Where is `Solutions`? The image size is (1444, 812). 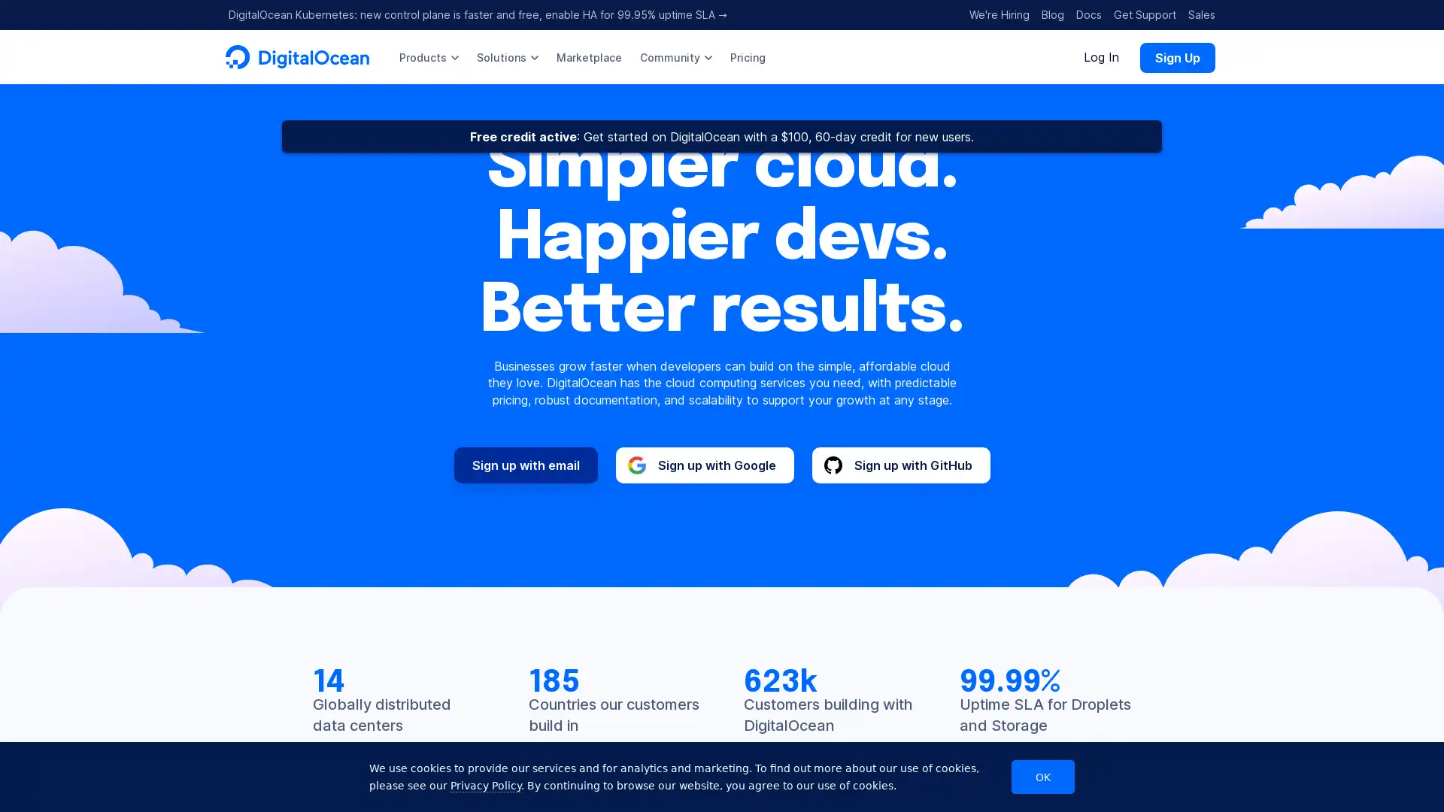 Solutions is located at coordinates (508, 56).